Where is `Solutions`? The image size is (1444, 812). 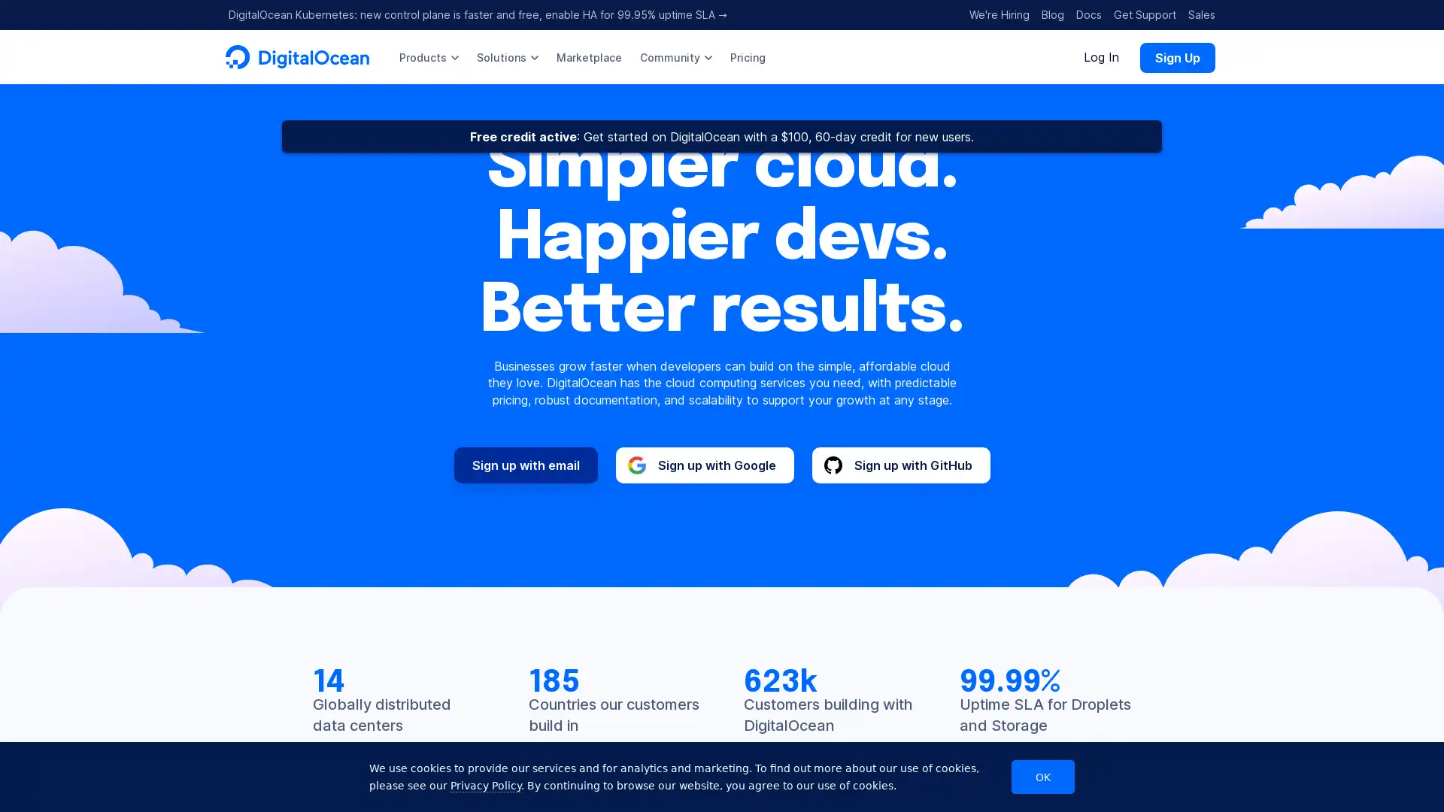 Solutions is located at coordinates (508, 56).